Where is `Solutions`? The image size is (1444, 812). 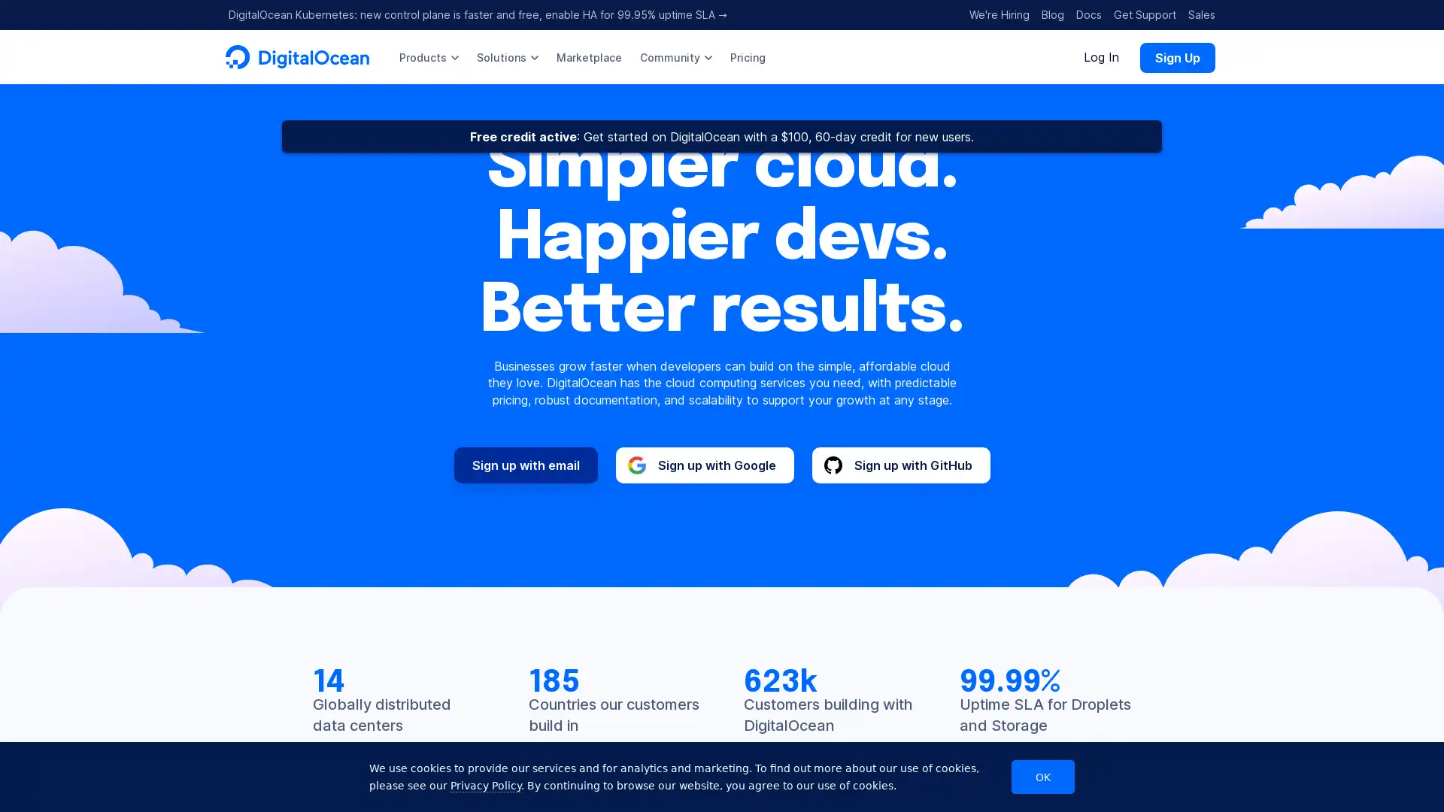 Solutions is located at coordinates (508, 56).